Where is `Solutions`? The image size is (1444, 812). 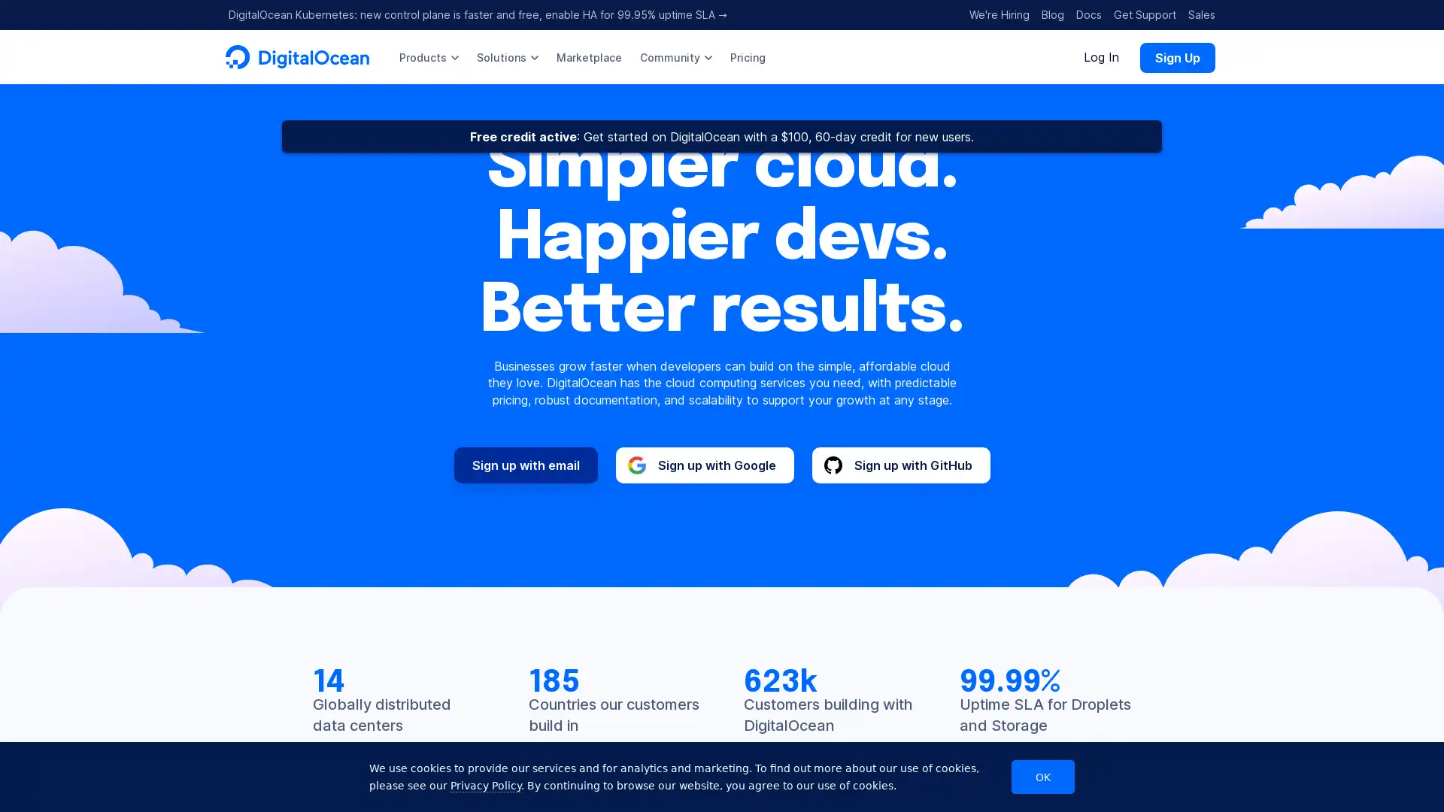 Solutions is located at coordinates (508, 56).